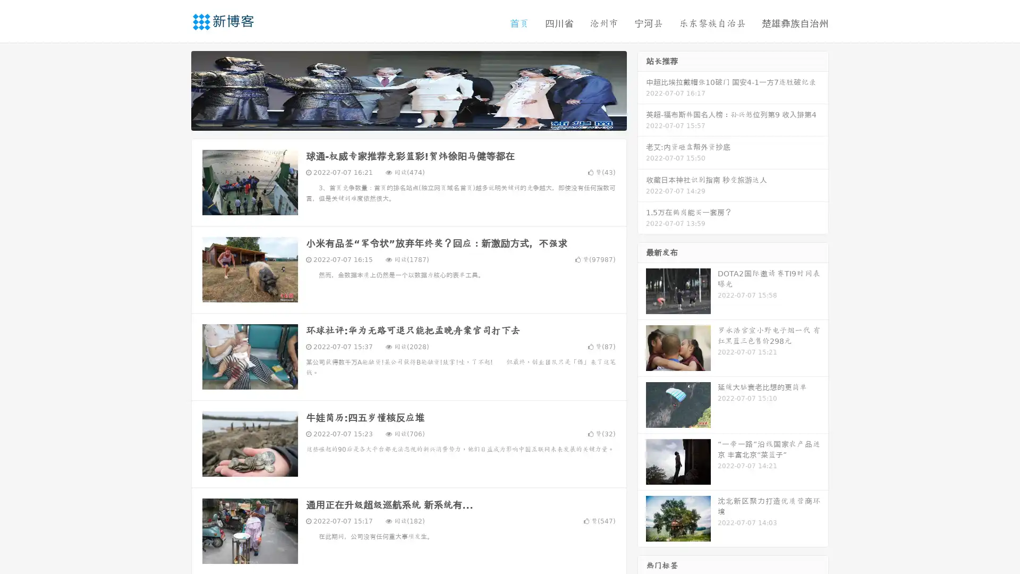 The image size is (1020, 574). What do you see at coordinates (397, 120) in the screenshot?
I see `Go to slide 1` at bounding box center [397, 120].